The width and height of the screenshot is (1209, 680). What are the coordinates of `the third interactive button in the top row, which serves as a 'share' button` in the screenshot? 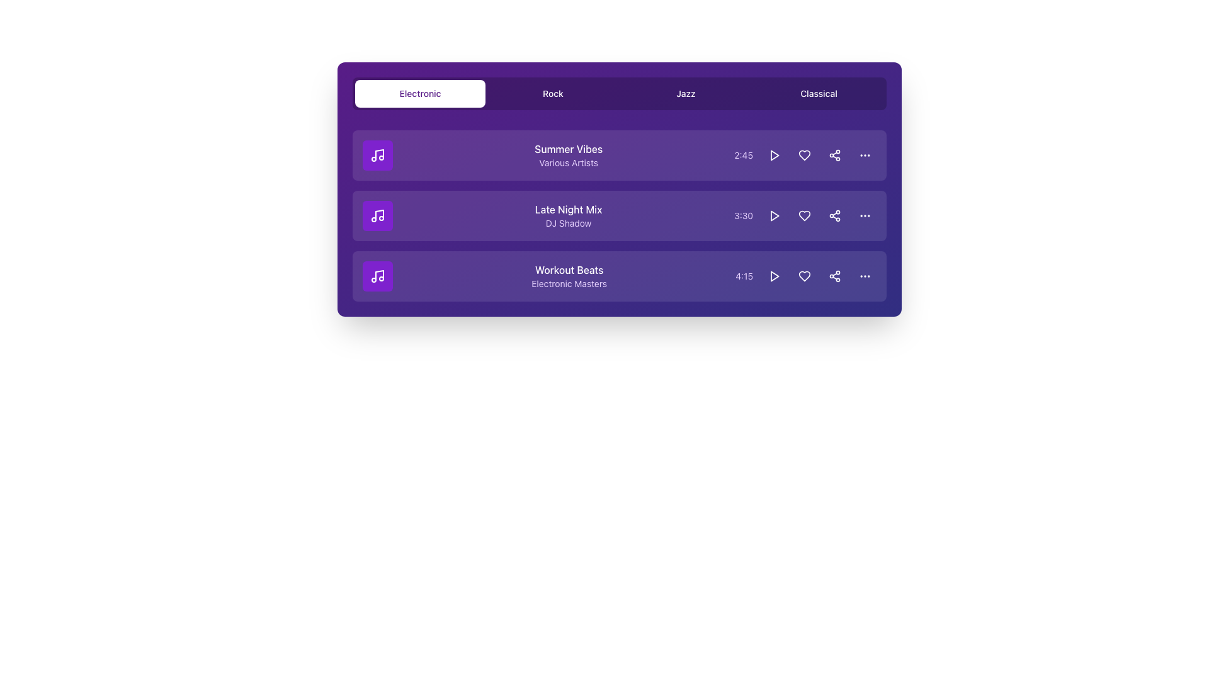 It's located at (834, 154).